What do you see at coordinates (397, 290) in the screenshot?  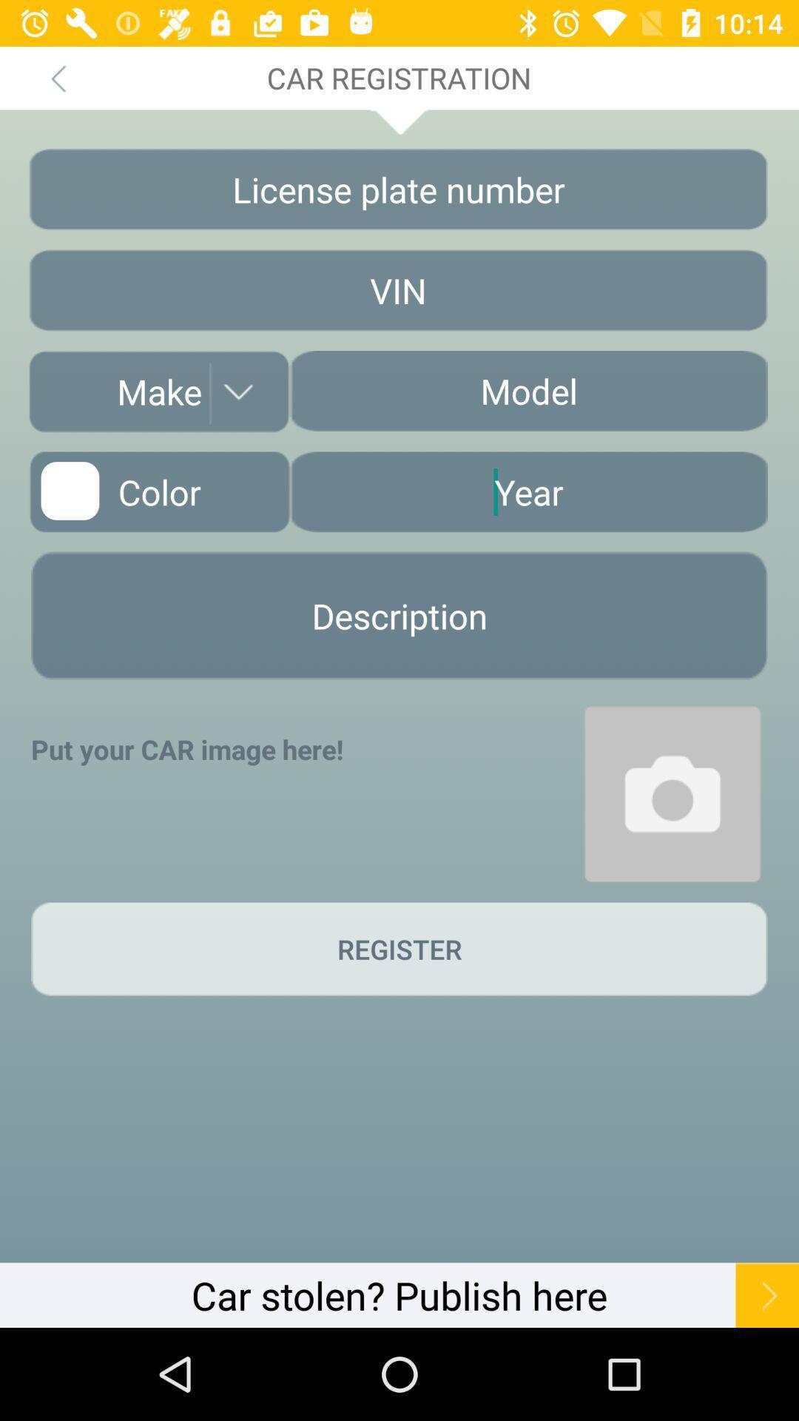 I see `a vin number` at bounding box center [397, 290].